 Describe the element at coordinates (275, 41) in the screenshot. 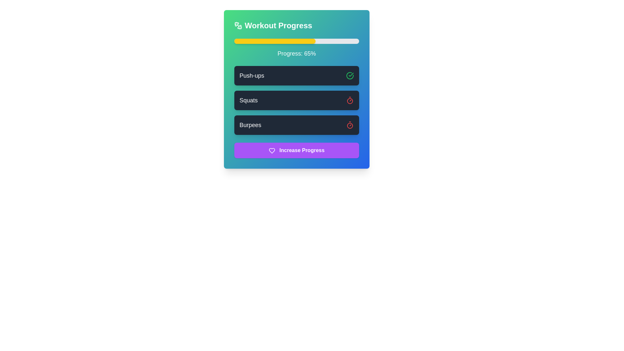

I see `the progress indicator segment that visually represents the progress made towards a goal, located inside a horizontal progress bar at the top of a card interface` at that location.